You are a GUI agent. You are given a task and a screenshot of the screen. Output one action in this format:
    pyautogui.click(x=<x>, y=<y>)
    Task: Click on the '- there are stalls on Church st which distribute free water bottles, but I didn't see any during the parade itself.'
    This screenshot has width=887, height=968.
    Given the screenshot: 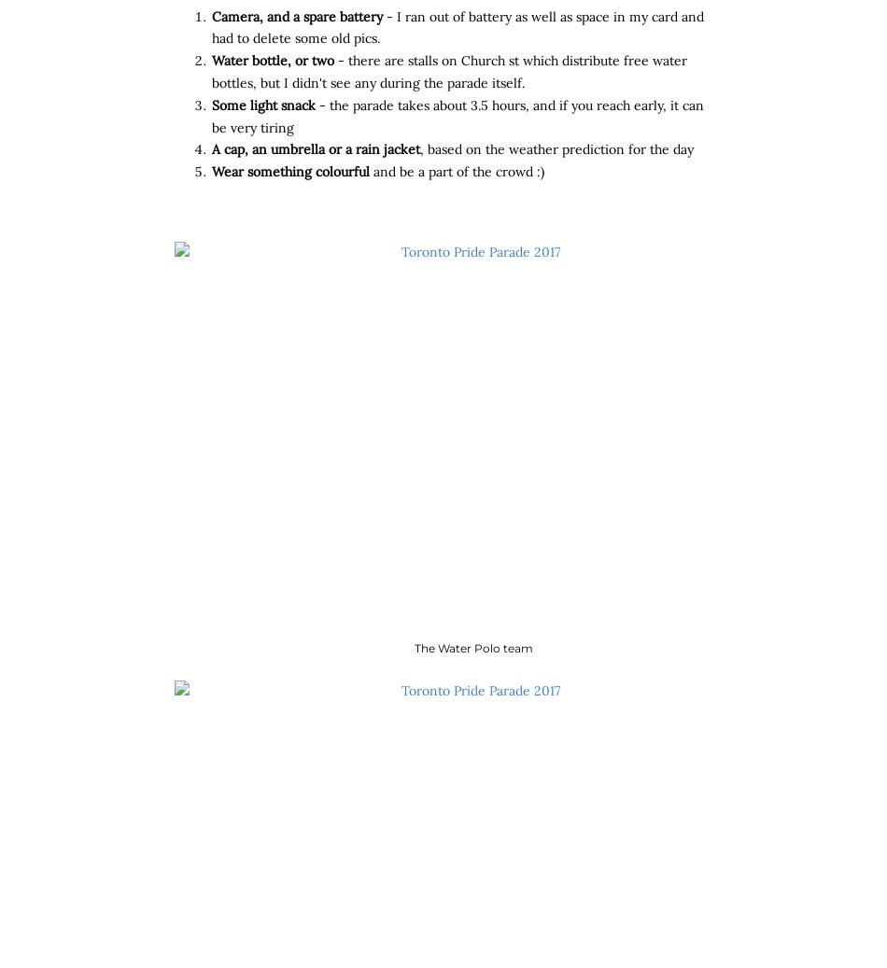 What is the action you would take?
    pyautogui.click(x=449, y=71)
    